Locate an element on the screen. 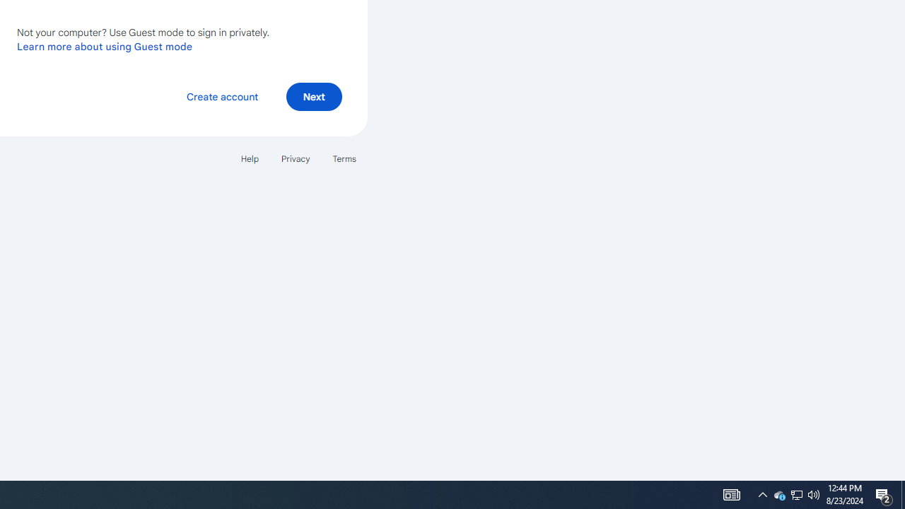 Image resolution: width=905 pixels, height=509 pixels. 'Learn more about using Guest mode' is located at coordinates (104, 45).